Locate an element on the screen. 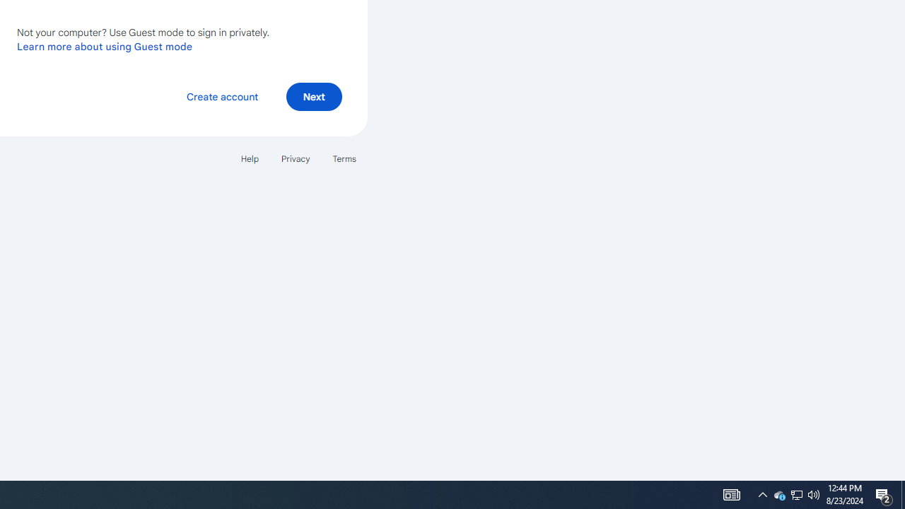 Image resolution: width=905 pixels, height=509 pixels. 'Learn more about using Guest mode' is located at coordinates (104, 45).